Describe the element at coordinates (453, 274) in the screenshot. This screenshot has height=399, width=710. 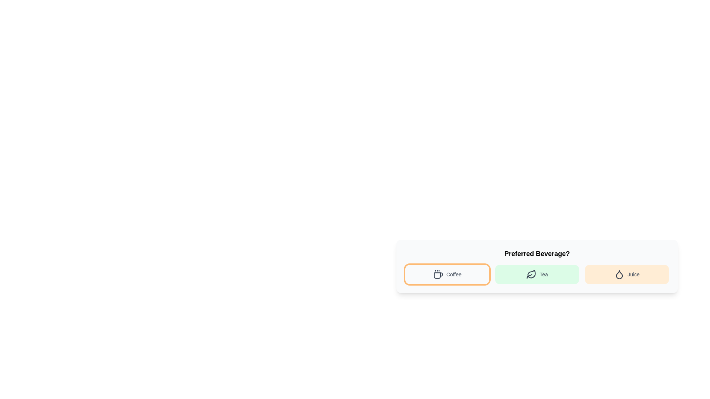
I see `the 'Coffee' text label that identifies the coffee selection option in the beverage list` at that location.